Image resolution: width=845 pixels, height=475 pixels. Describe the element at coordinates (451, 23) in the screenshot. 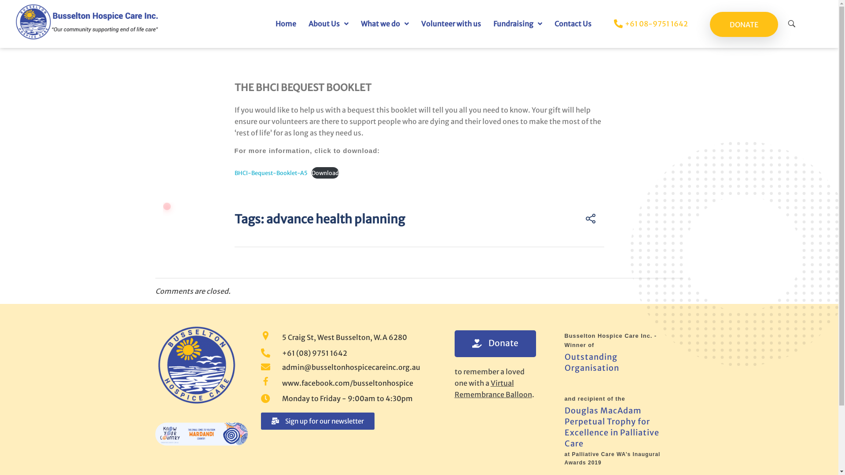

I see `'Volunteer with us'` at that location.